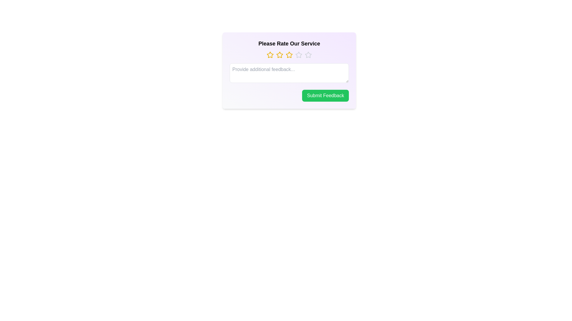 This screenshot has height=321, width=572. Describe the element at coordinates (289, 55) in the screenshot. I see `the star corresponding to the 3 value to set the rating` at that location.